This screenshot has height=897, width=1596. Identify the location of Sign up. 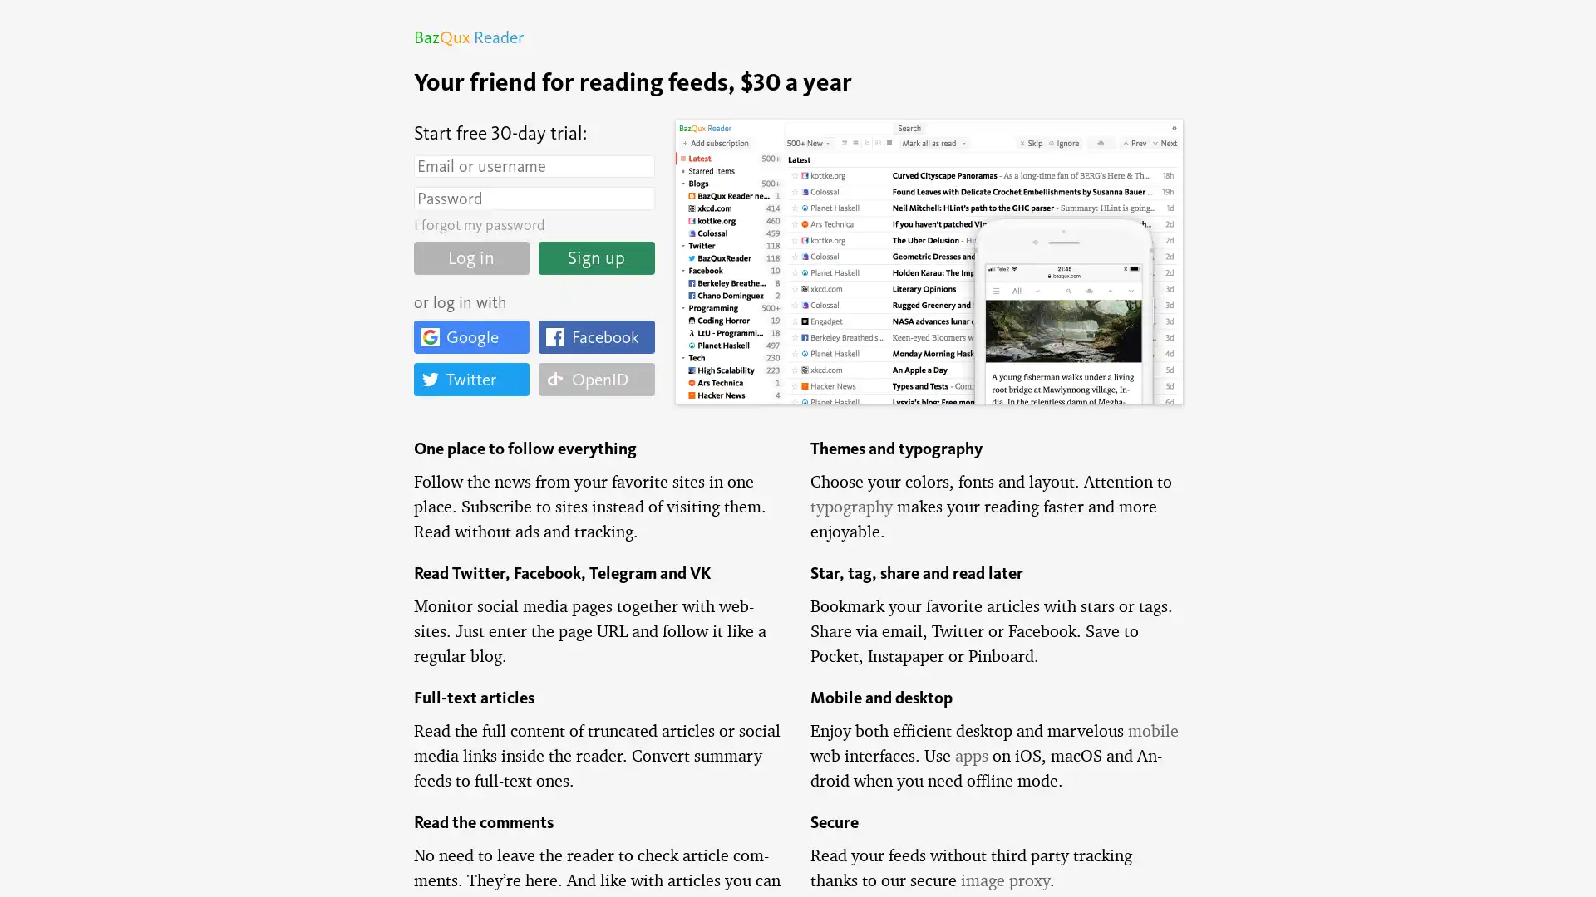
(596, 257).